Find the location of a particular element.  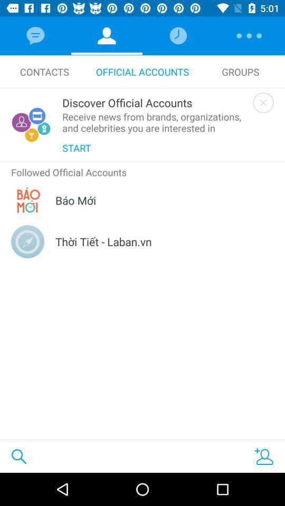

the groups icon is located at coordinates (240, 71).